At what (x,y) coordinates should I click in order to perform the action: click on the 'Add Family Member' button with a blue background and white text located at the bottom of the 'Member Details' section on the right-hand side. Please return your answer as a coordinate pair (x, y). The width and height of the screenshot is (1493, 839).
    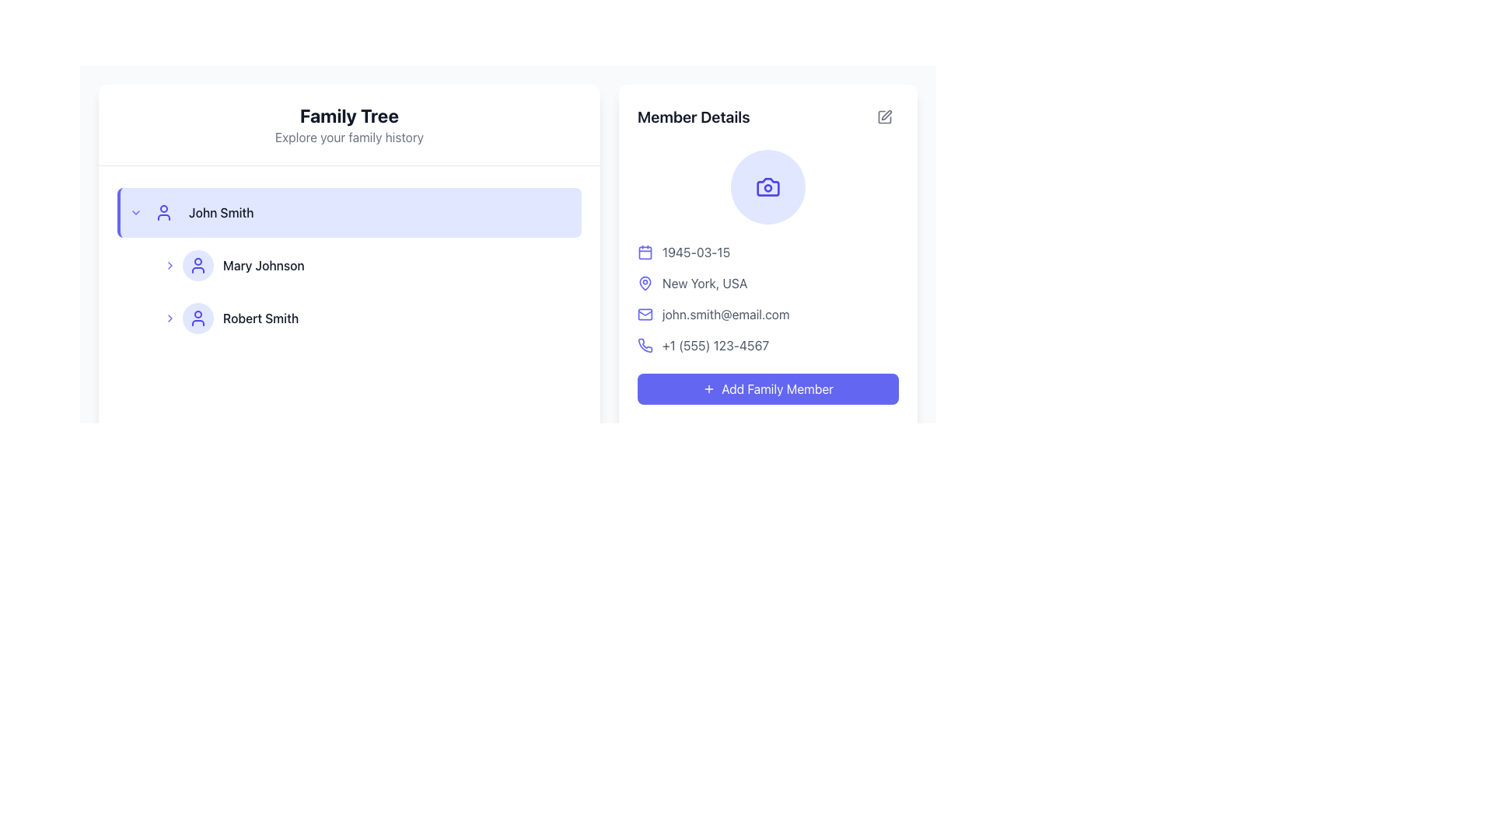
    Looking at the image, I should click on (768, 388).